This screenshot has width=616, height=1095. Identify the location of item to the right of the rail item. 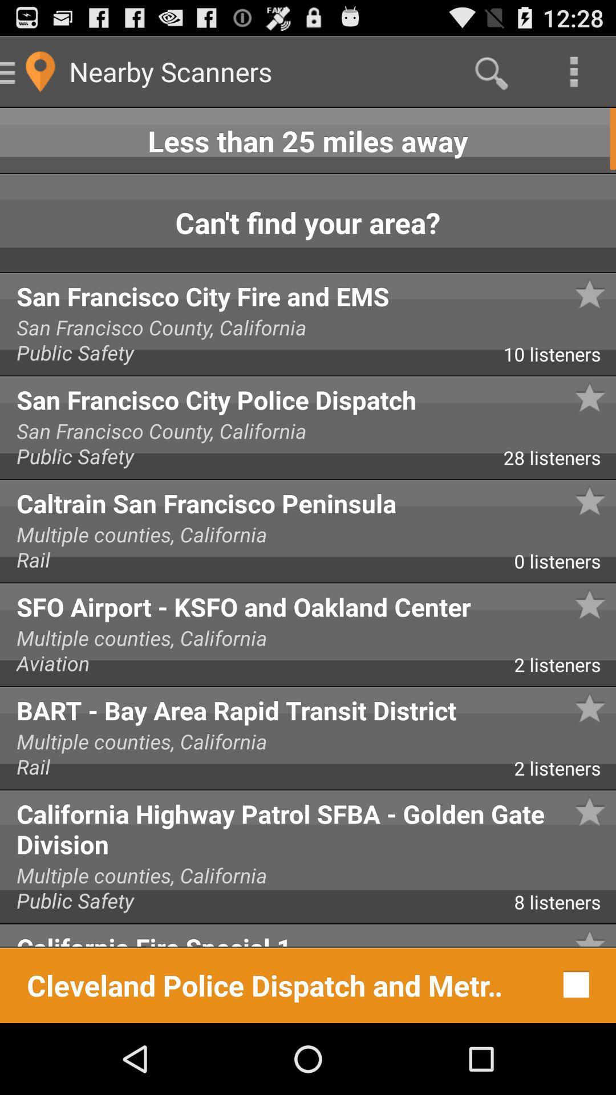
(565, 565).